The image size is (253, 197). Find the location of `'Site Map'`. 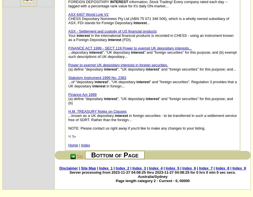

'Site Map' is located at coordinates (88, 168).